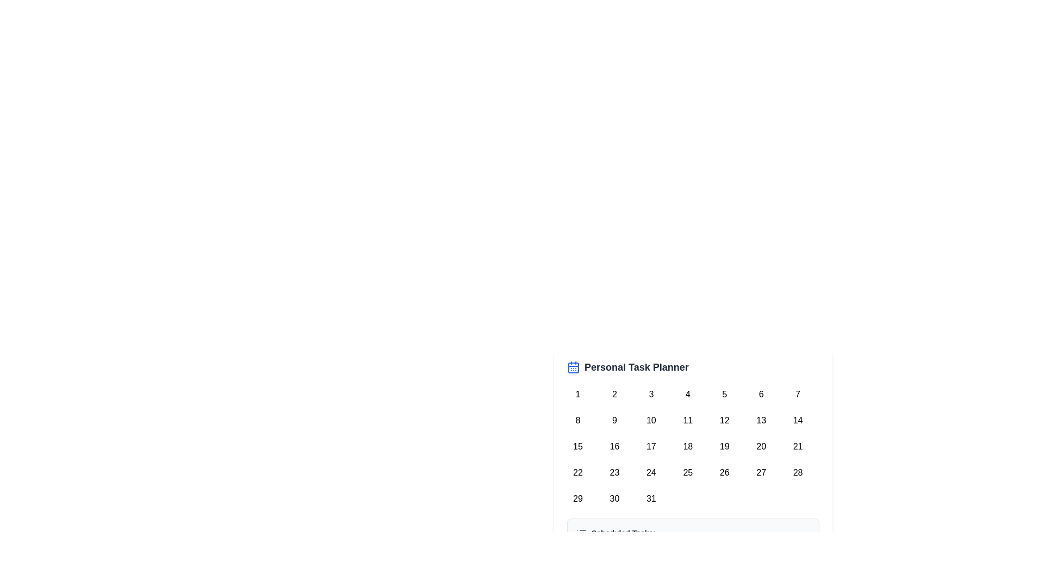  I want to click on the button with the number '17' on the calendar grid, so click(651, 446).